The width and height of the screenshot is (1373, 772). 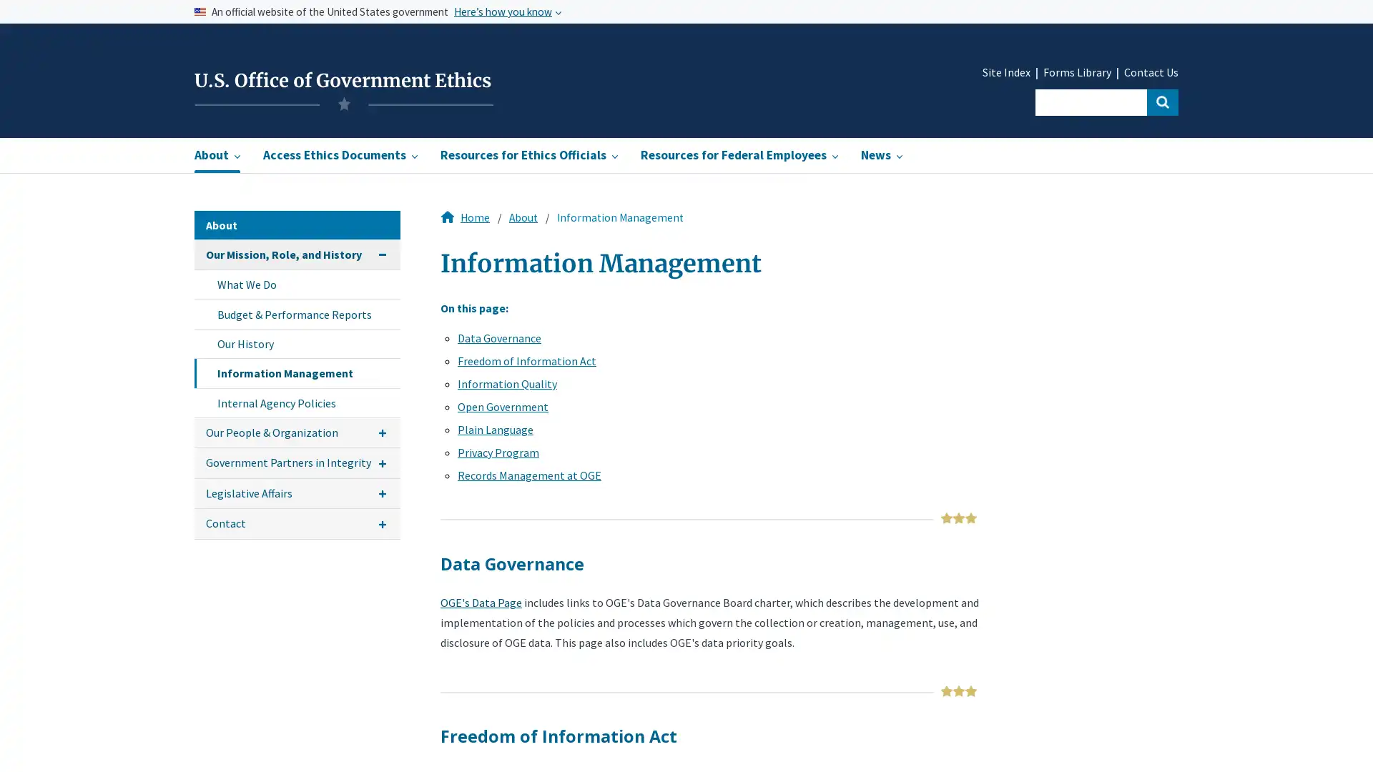 I want to click on Contact, so click(x=297, y=523).